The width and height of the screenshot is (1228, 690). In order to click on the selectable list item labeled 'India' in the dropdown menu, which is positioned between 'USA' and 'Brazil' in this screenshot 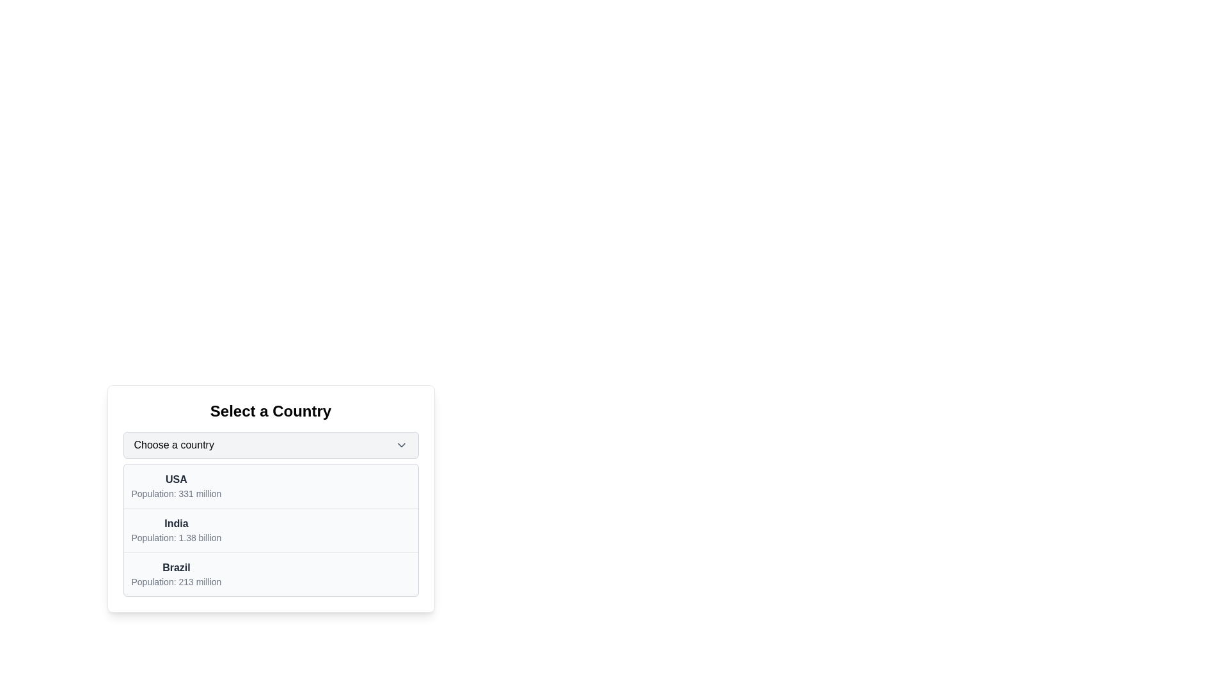, I will do `click(175, 530)`.